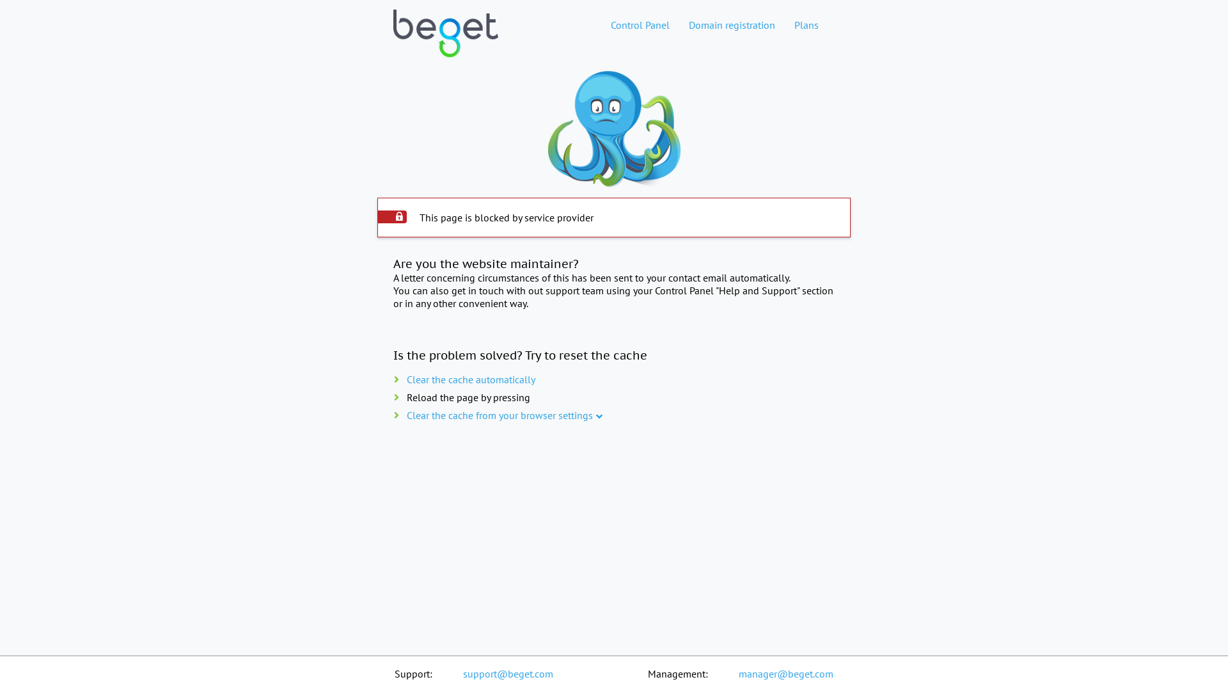 This screenshot has height=691, width=1228. What do you see at coordinates (785, 673) in the screenshot?
I see `'manager@beget.com'` at bounding box center [785, 673].